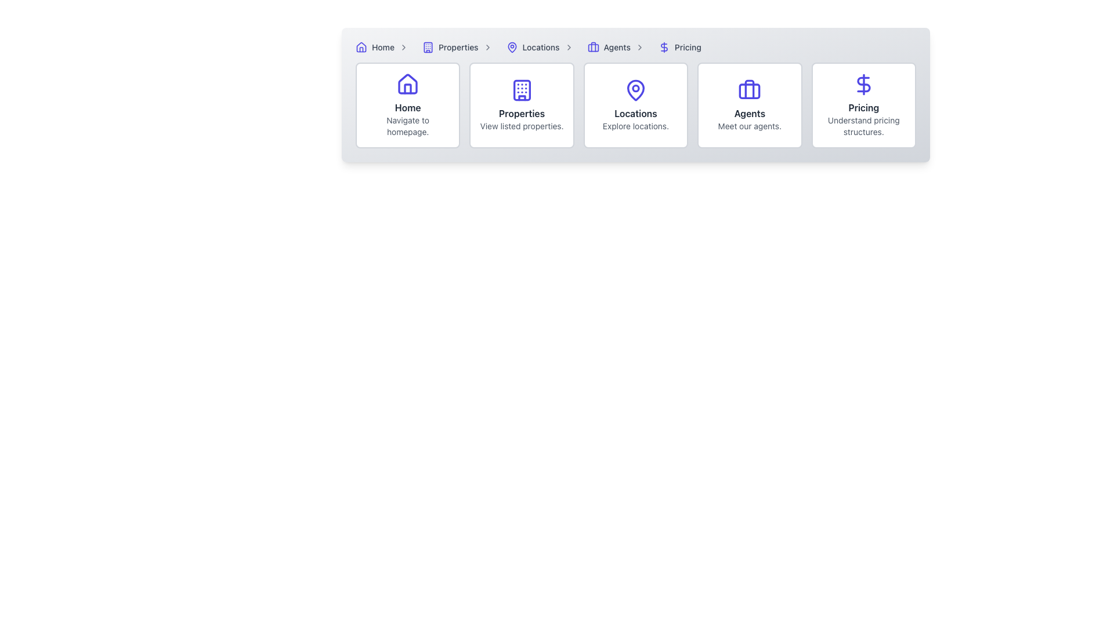 The image size is (1114, 626). I want to click on the card component displaying 'Locations' with a map pin icon, which is the third card in a horizontal grid of five items, so click(635, 105).